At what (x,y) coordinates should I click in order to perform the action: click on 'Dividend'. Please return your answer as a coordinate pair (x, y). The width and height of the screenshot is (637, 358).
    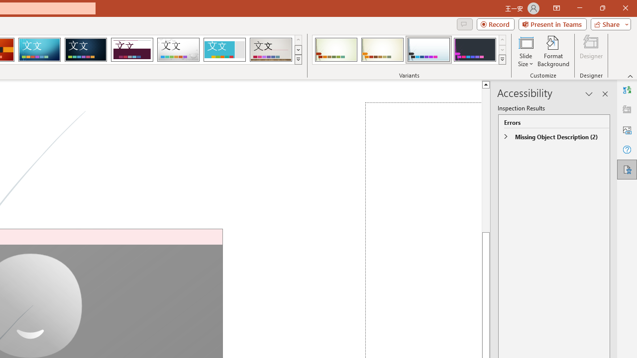
    Looking at the image, I should click on (131, 50).